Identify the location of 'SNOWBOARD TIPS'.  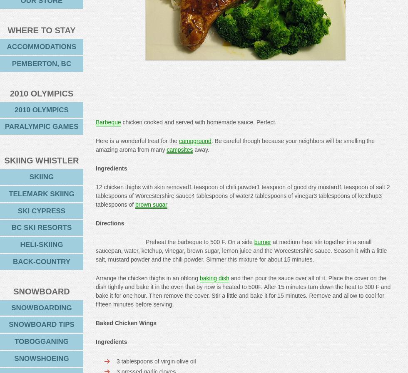
(41, 324).